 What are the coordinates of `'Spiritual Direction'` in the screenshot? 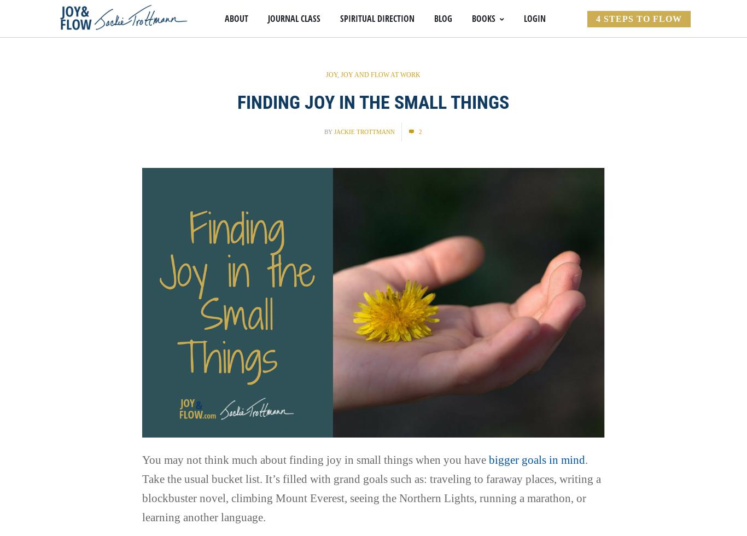 It's located at (339, 19).